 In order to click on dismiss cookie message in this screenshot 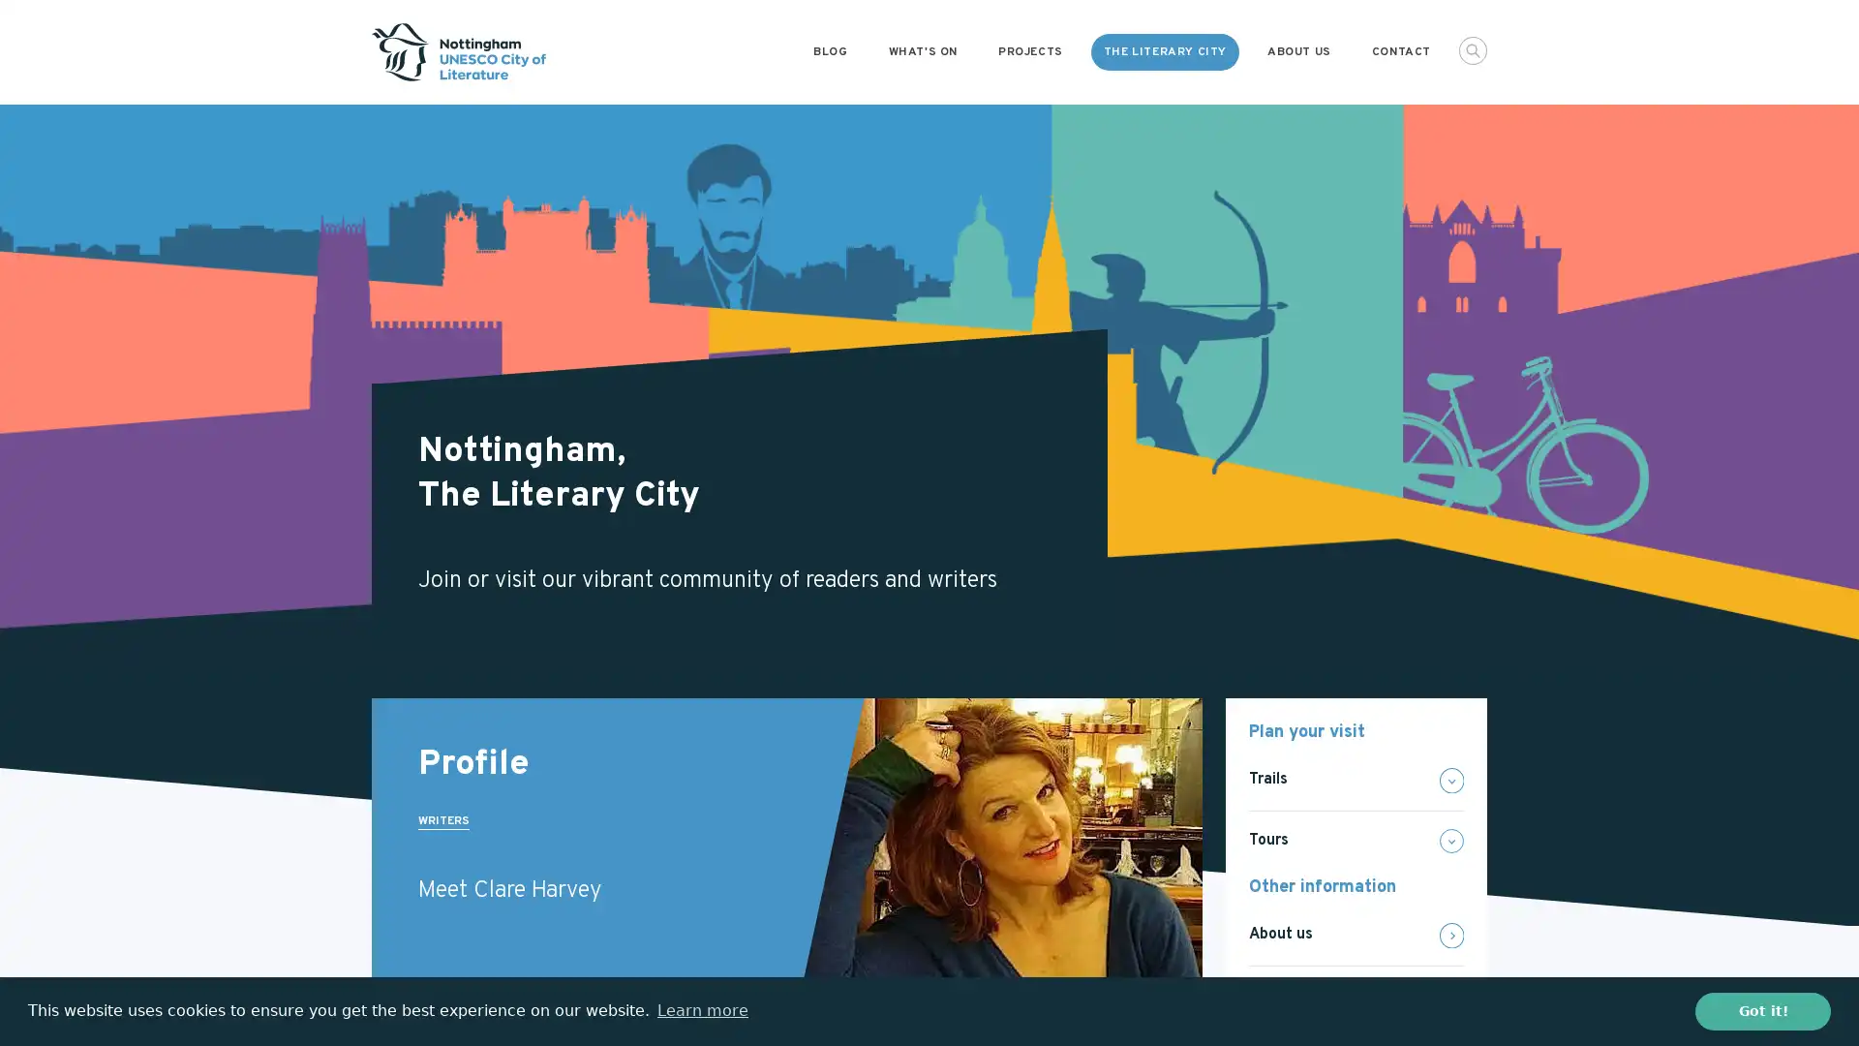, I will do `click(1762, 1010)`.